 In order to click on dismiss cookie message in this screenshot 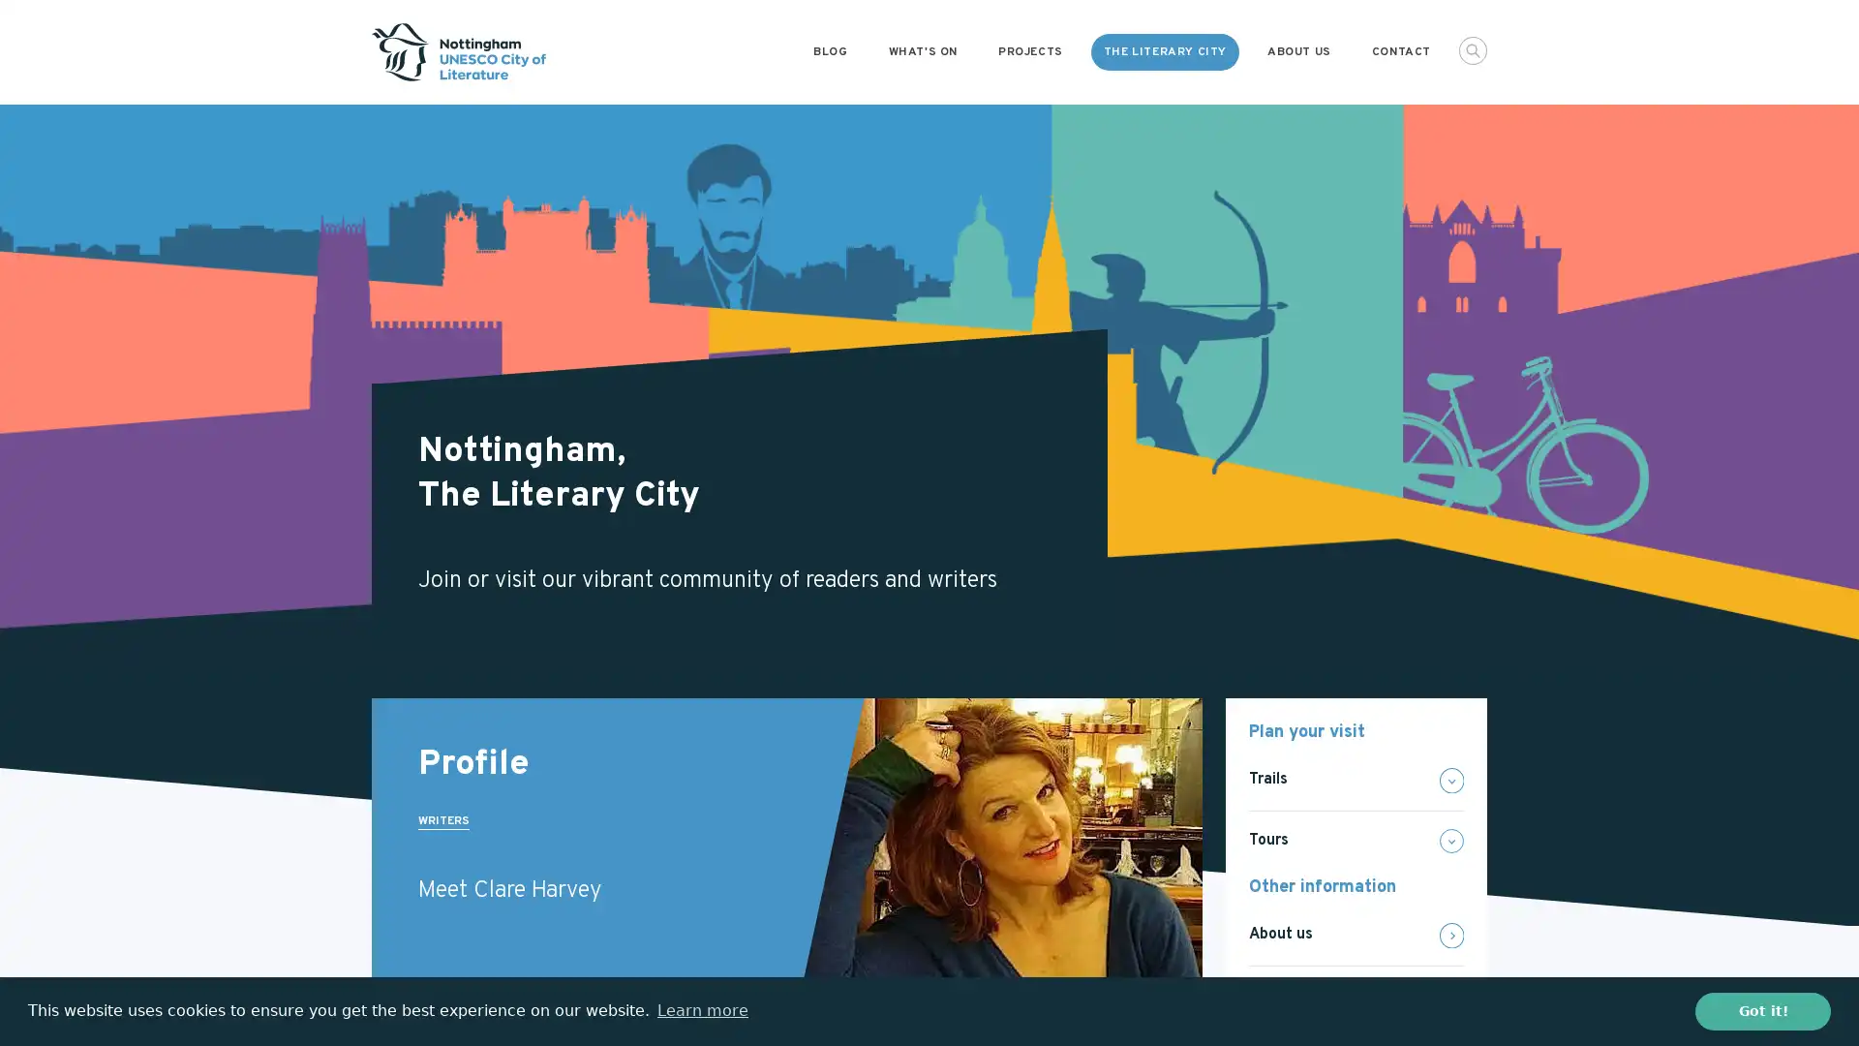, I will do `click(1762, 1010)`.